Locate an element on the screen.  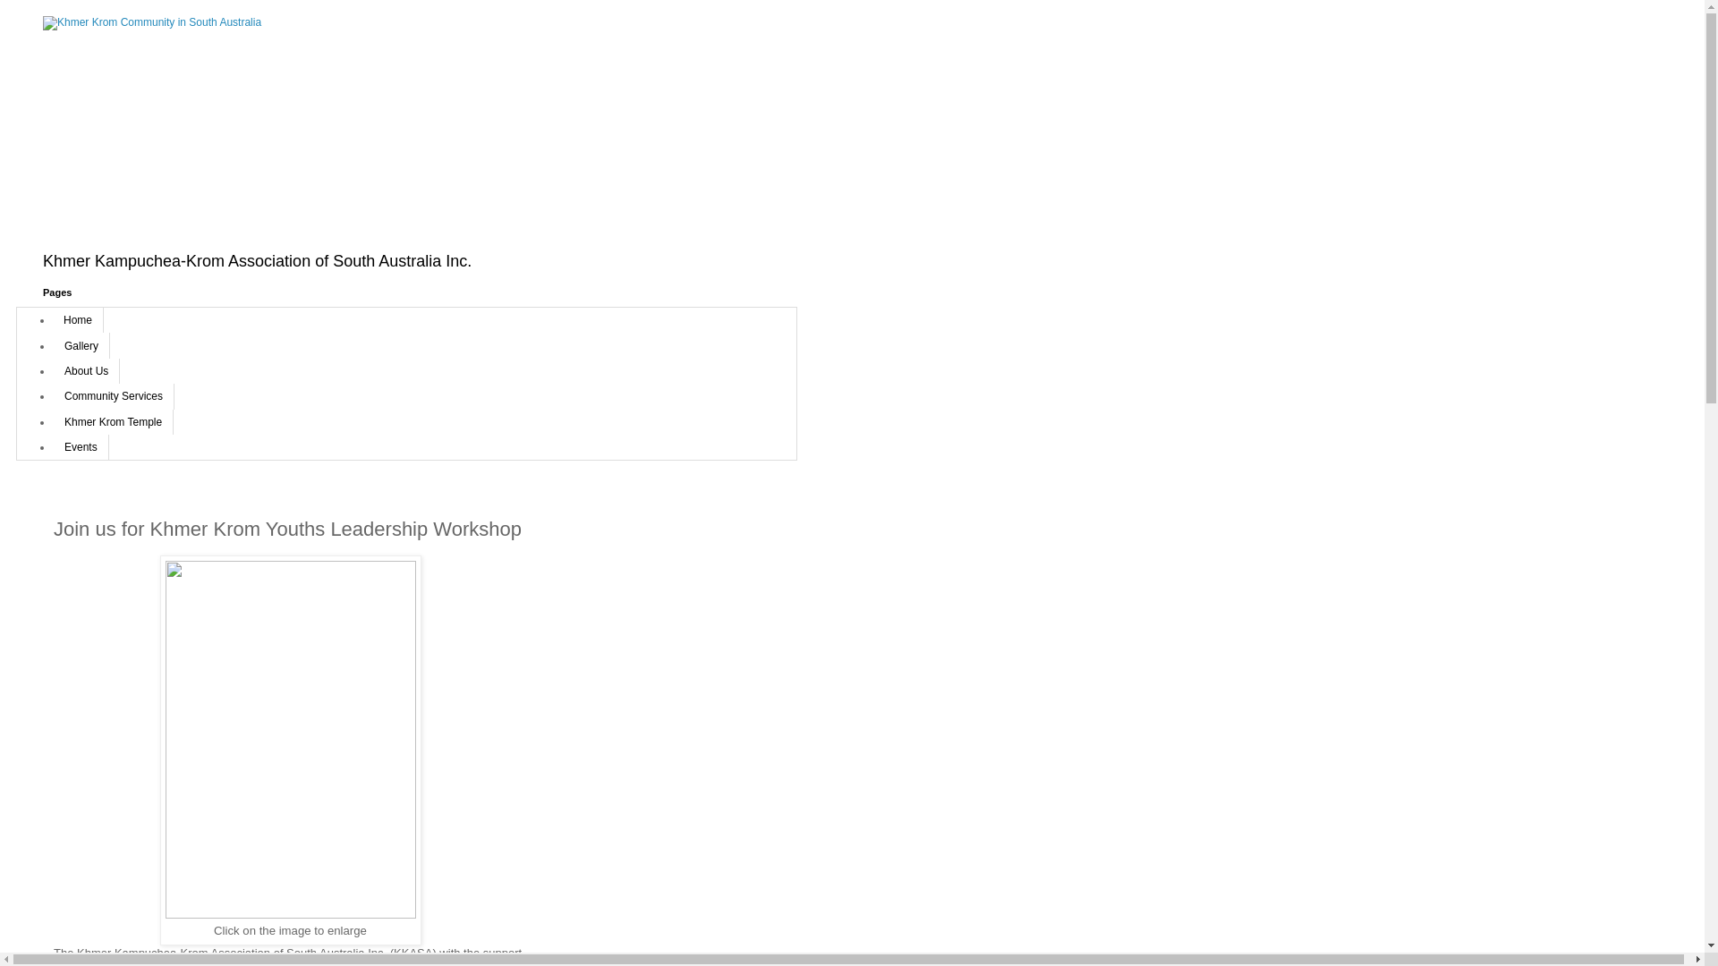
'Events' is located at coordinates (80, 446).